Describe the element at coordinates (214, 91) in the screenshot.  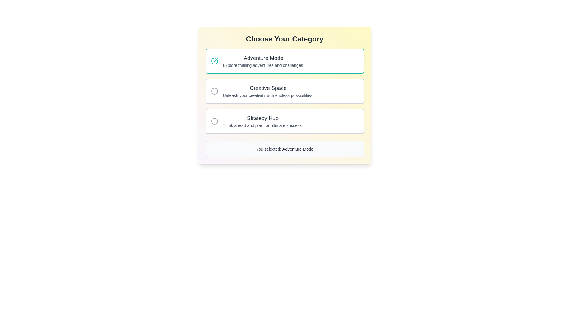
I see `the inner SVG Circle that visually represents the 'Creative Space' radio button option` at that location.